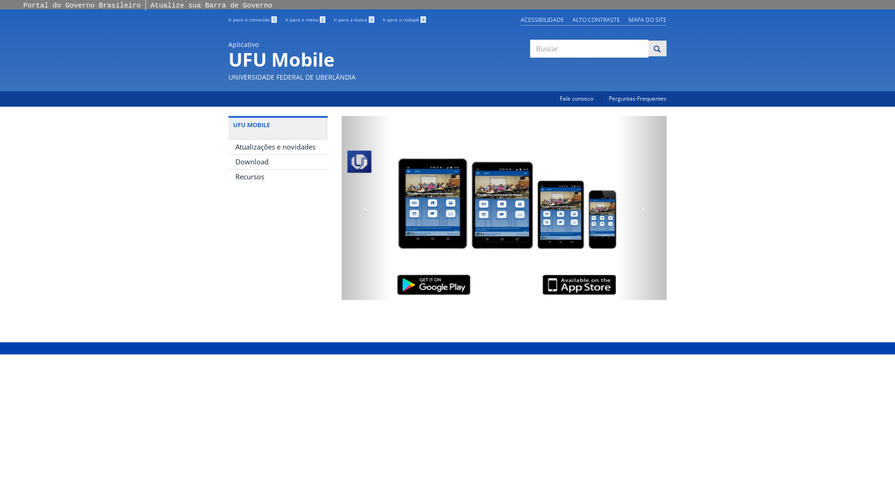 This screenshot has width=895, height=503. I want to click on 'Fale conosco', so click(576, 98).